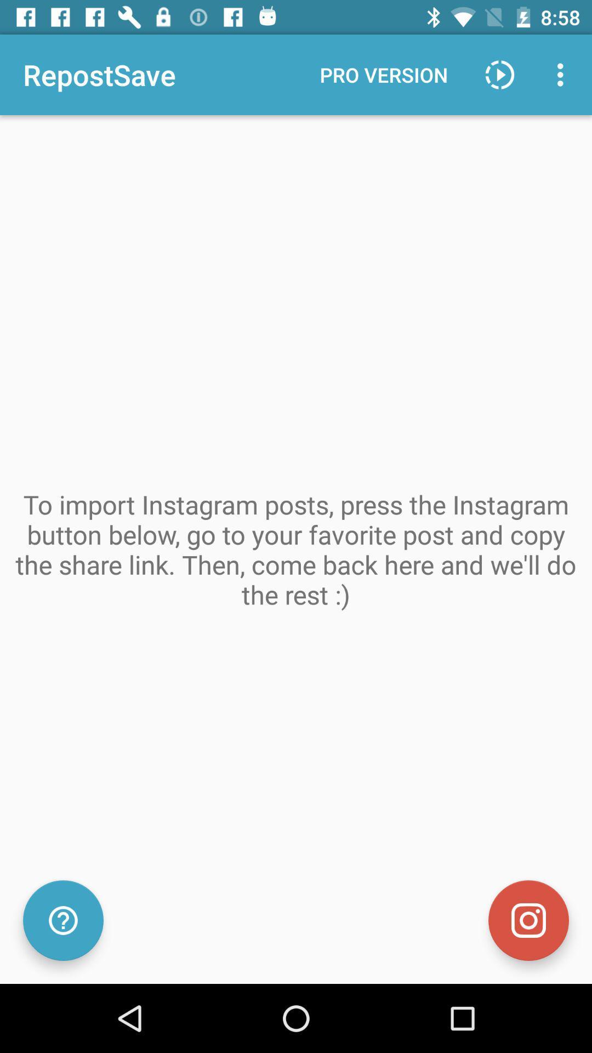 The image size is (592, 1053). I want to click on get information, so click(63, 920).